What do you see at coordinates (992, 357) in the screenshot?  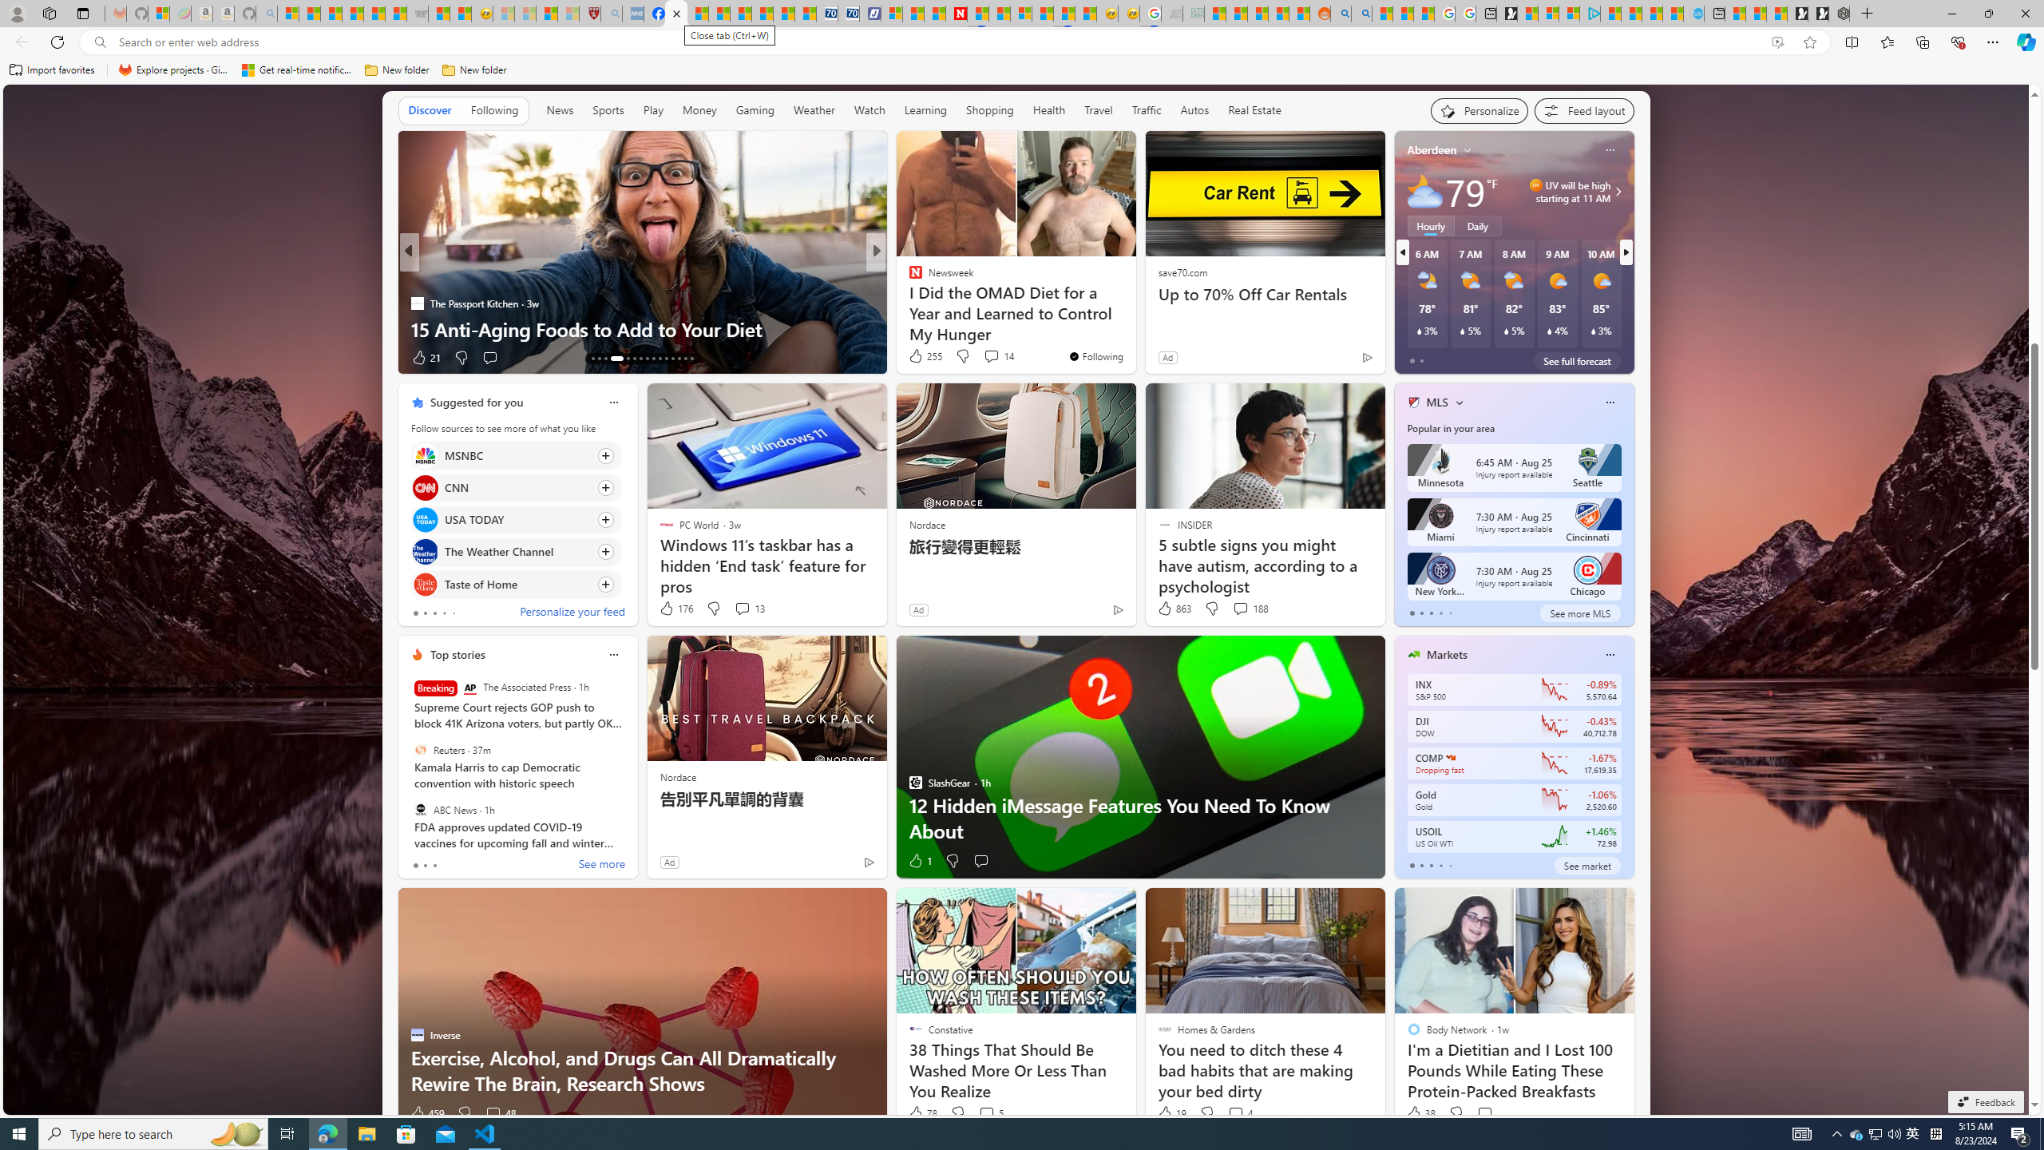 I see `'View comments 23 Comment'` at bounding box center [992, 357].